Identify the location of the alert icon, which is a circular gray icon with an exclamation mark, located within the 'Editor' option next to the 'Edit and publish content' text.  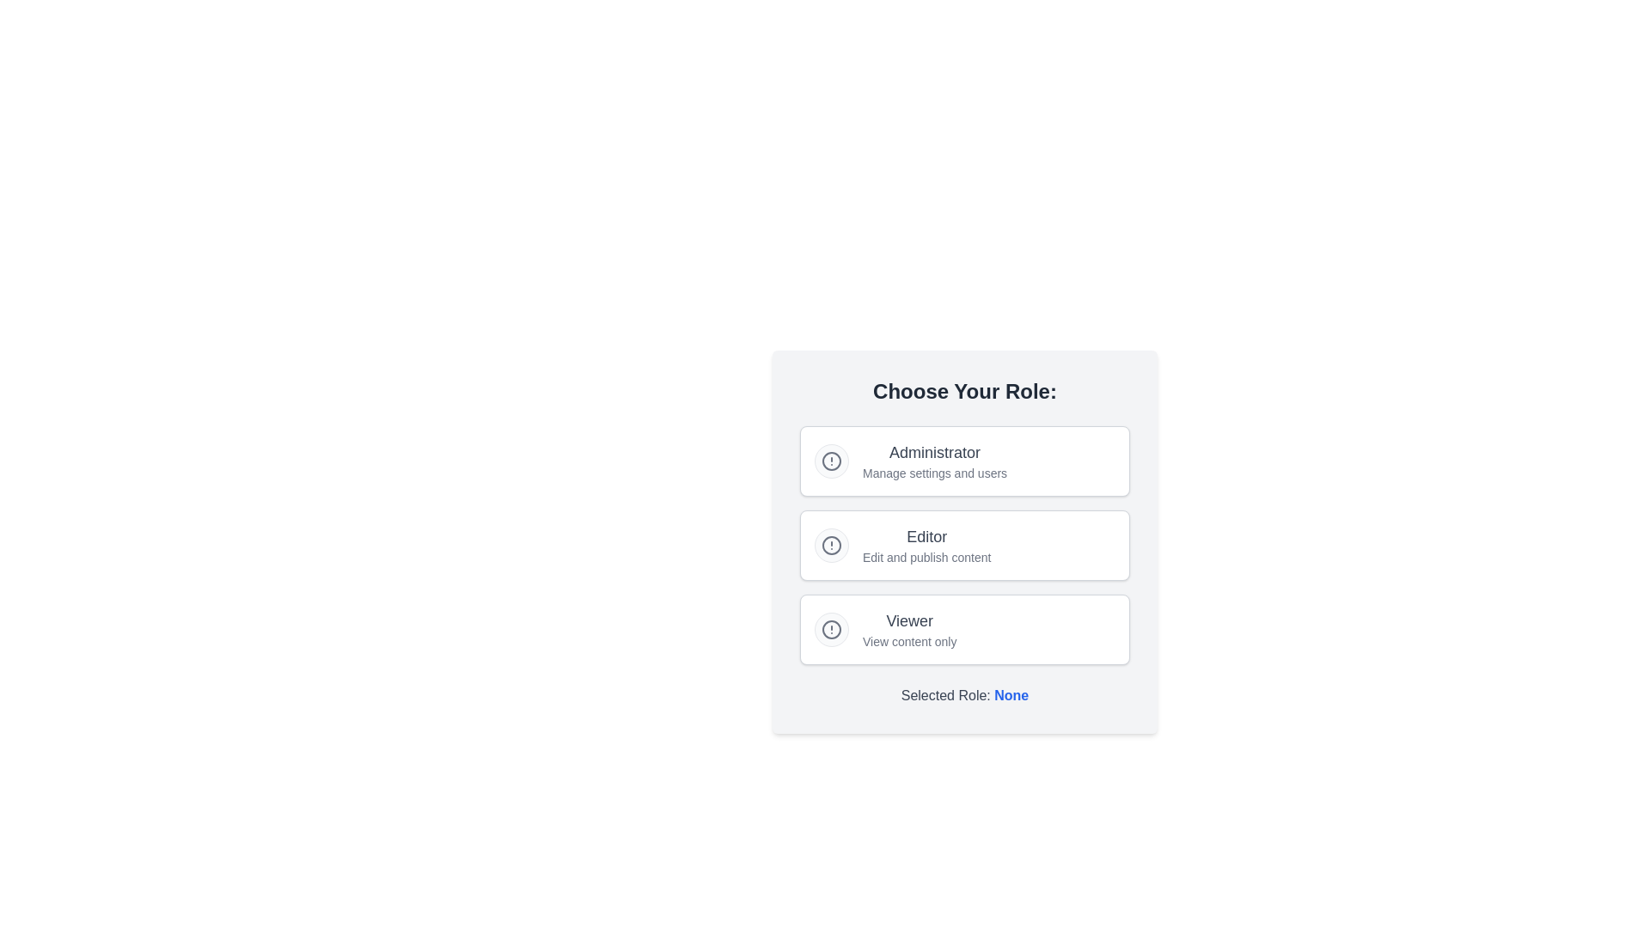
(832, 546).